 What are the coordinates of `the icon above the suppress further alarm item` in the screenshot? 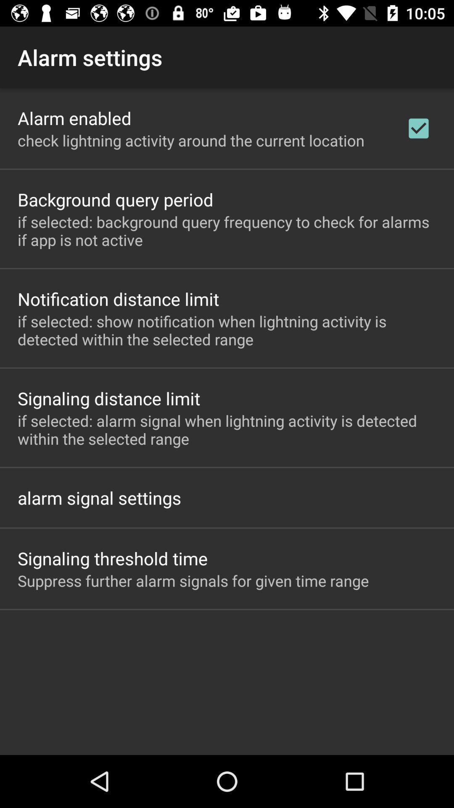 It's located at (112, 558).